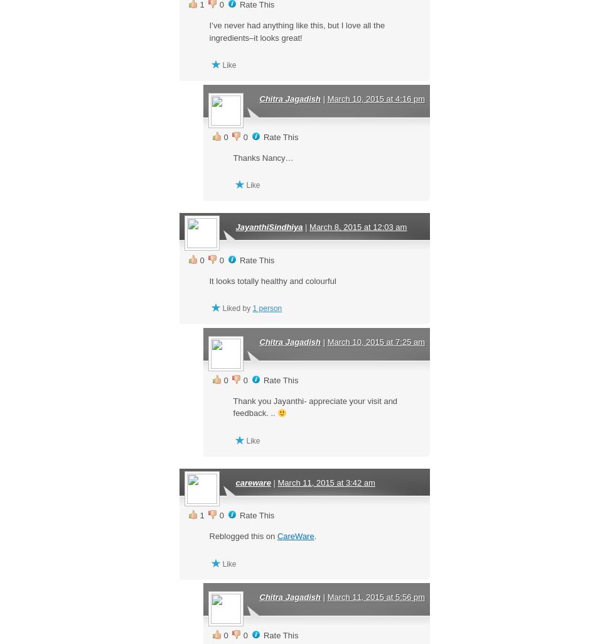 The width and height of the screenshot is (590, 644). What do you see at coordinates (375, 341) in the screenshot?
I see `'March 10, 2015 at 7:25 am'` at bounding box center [375, 341].